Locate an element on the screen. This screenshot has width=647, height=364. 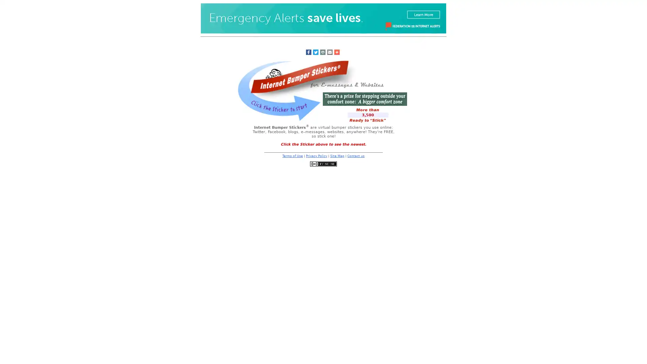
Share to Print is located at coordinates (322, 52).